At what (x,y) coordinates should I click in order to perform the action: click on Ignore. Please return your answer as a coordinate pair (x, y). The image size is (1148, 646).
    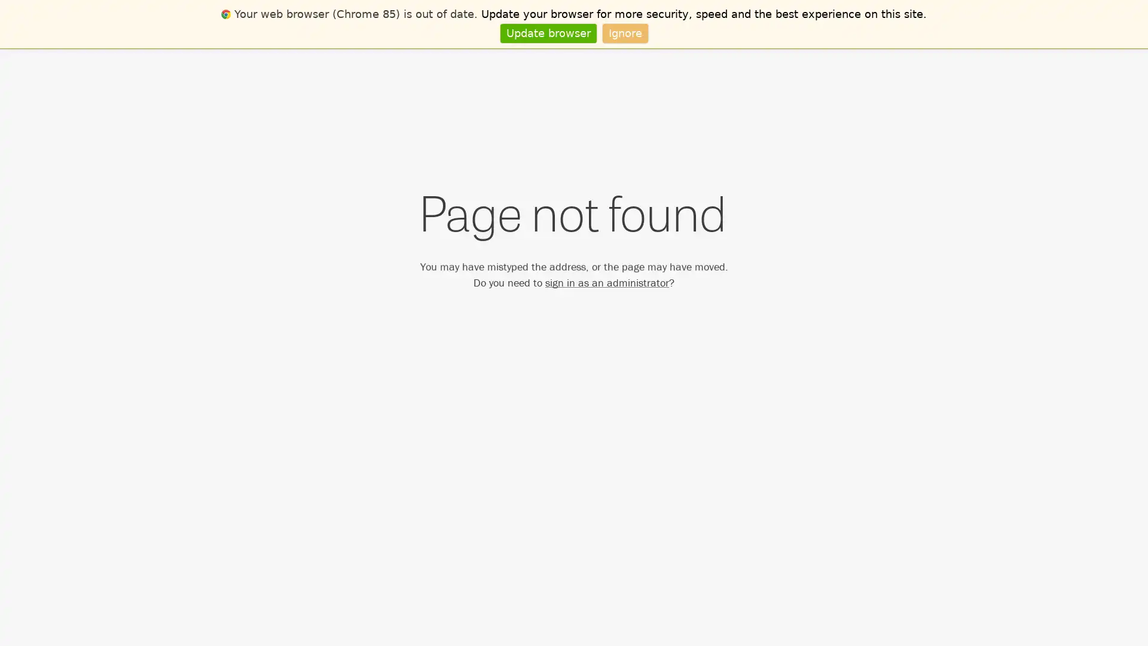
    Looking at the image, I should click on (624, 32).